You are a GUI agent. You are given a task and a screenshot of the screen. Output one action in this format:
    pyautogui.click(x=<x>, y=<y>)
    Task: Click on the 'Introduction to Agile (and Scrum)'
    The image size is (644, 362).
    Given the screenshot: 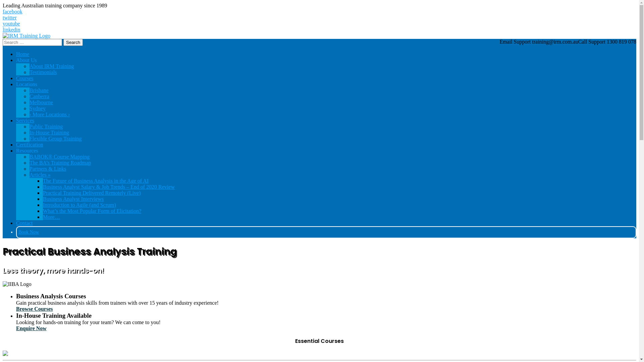 What is the action you would take?
    pyautogui.click(x=79, y=204)
    